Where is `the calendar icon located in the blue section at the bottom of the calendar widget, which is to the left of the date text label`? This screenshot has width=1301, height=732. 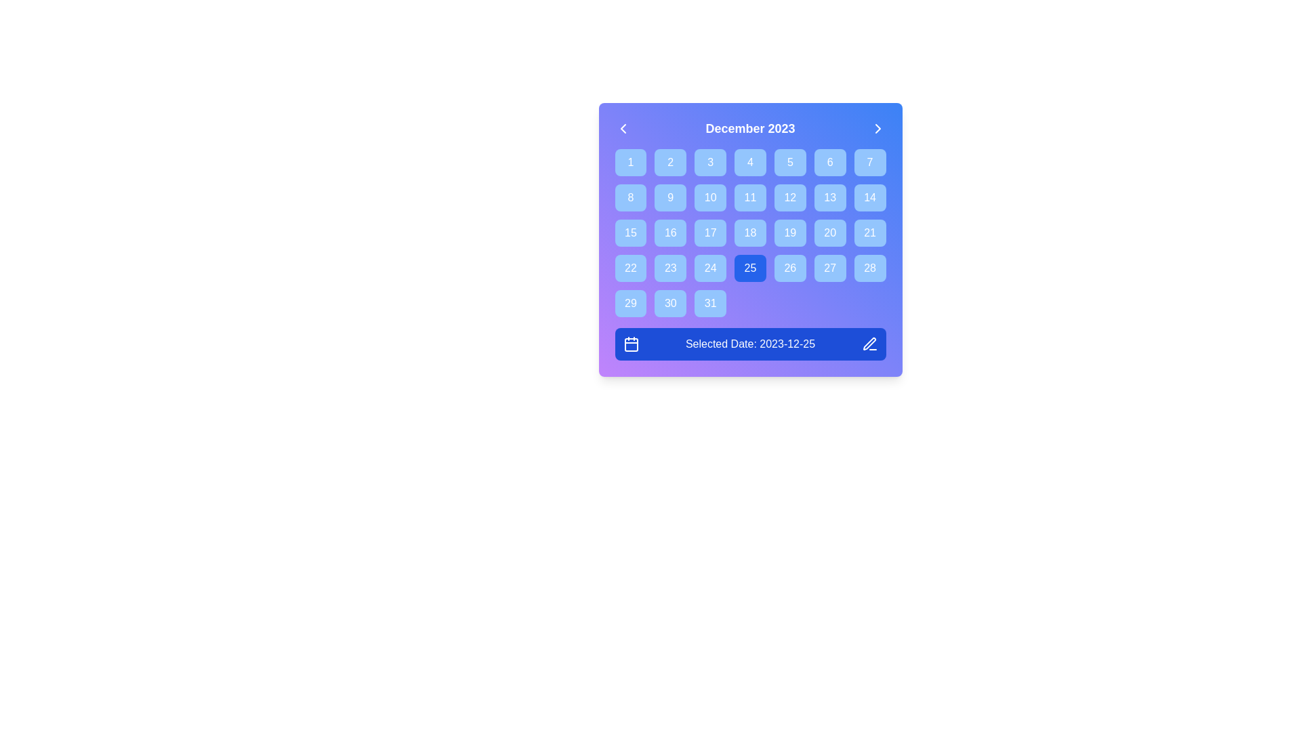
the calendar icon located in the blue section at the bottom of the calendar widget, which is to the left of the date text label is located at coordinates (630, 344).